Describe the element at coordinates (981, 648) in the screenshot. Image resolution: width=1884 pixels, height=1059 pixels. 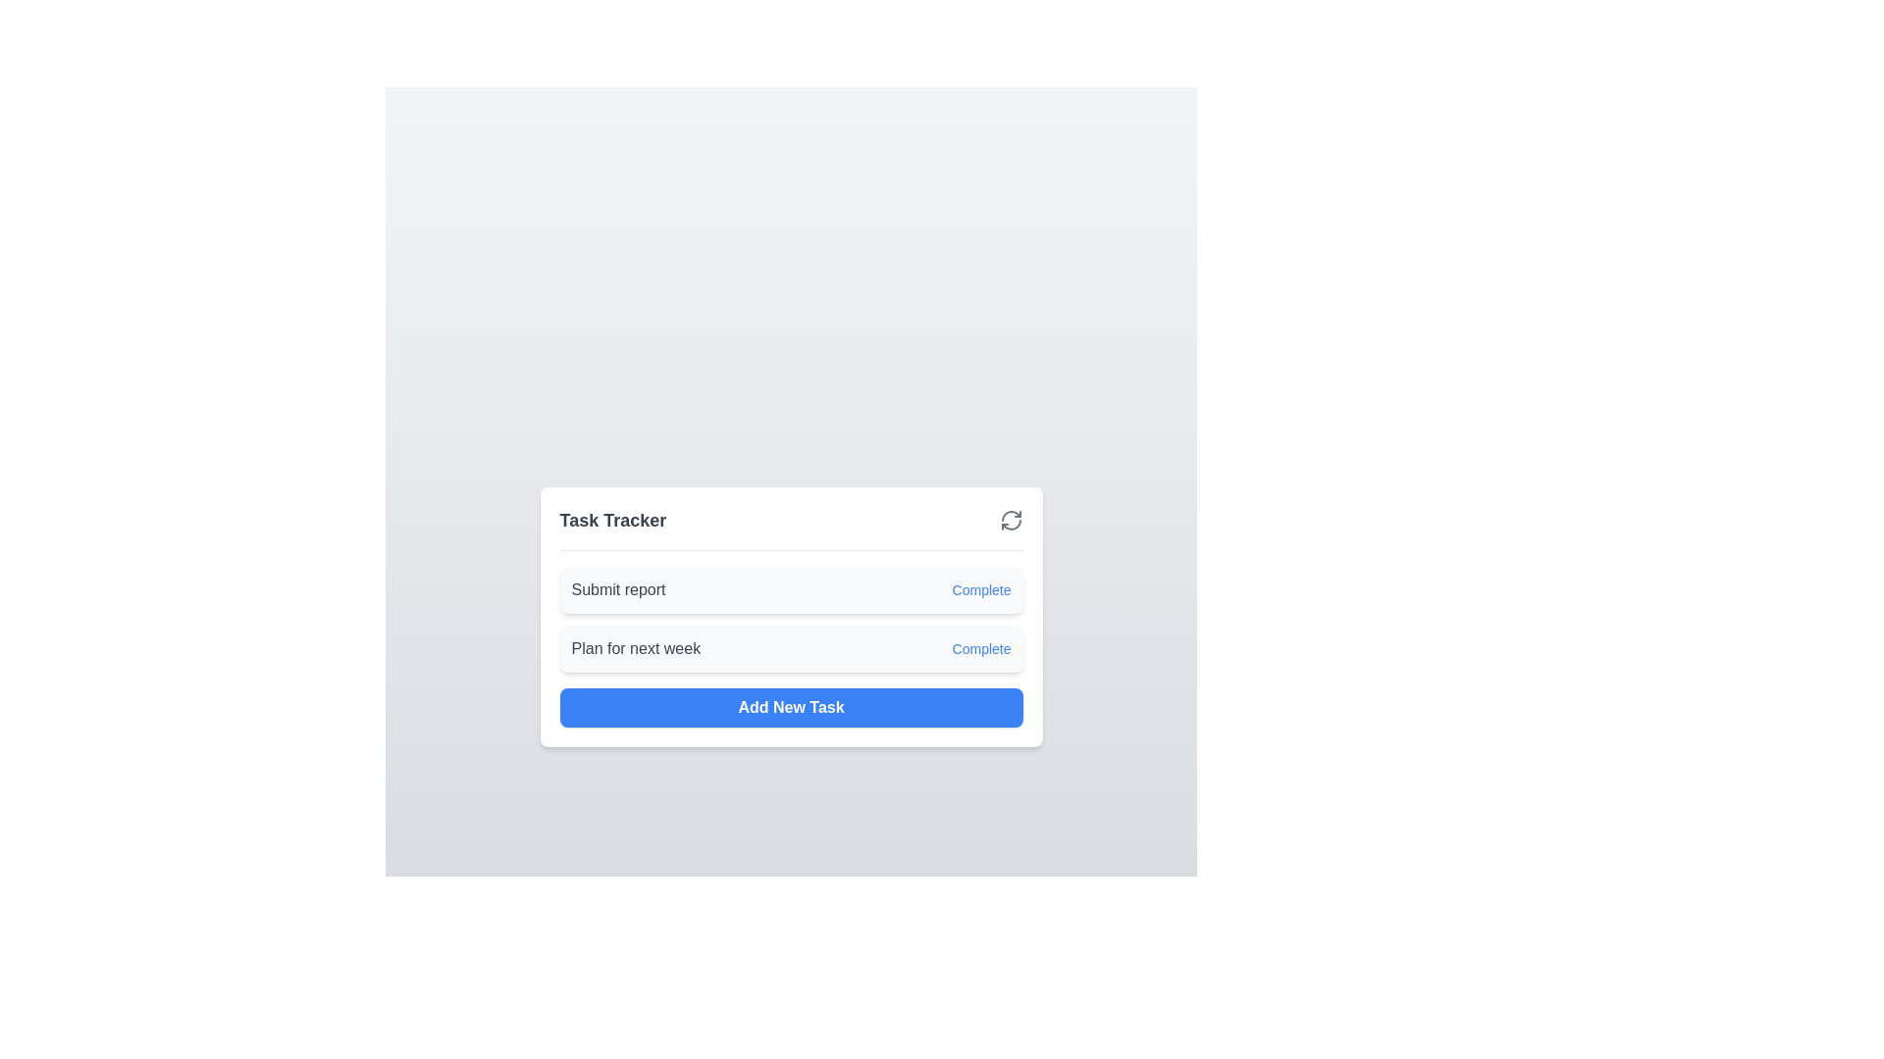
I see `the 'mark as complete' button located on the right side of the task item labeled 'Plan for next week' to mark the task as complete` at that location.